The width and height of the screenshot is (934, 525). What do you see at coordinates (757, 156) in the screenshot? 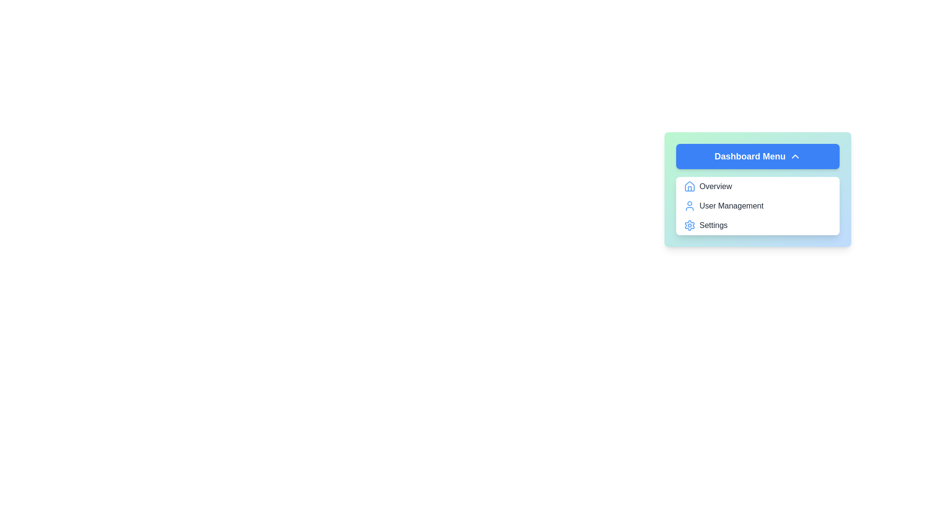
I see `the 'Dashboard Menu' button to toggle the menu visibility` at bounding box center [757, 156].